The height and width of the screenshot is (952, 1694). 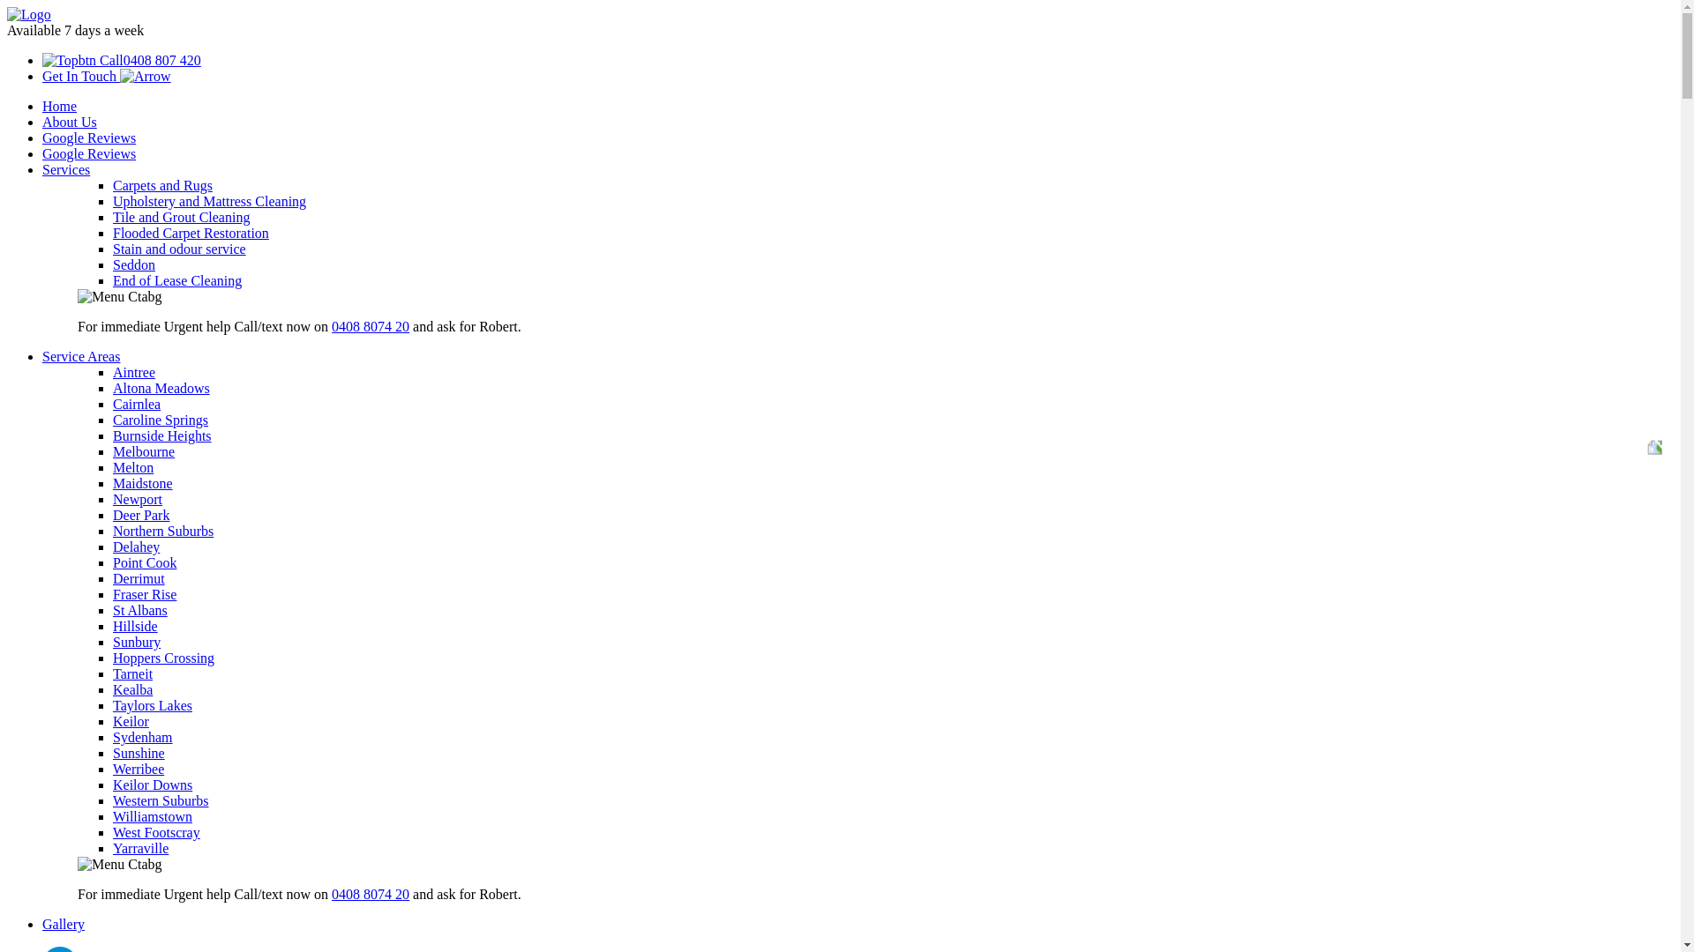 I want to click on '0408 8074 20', so click(x=370, y=326).